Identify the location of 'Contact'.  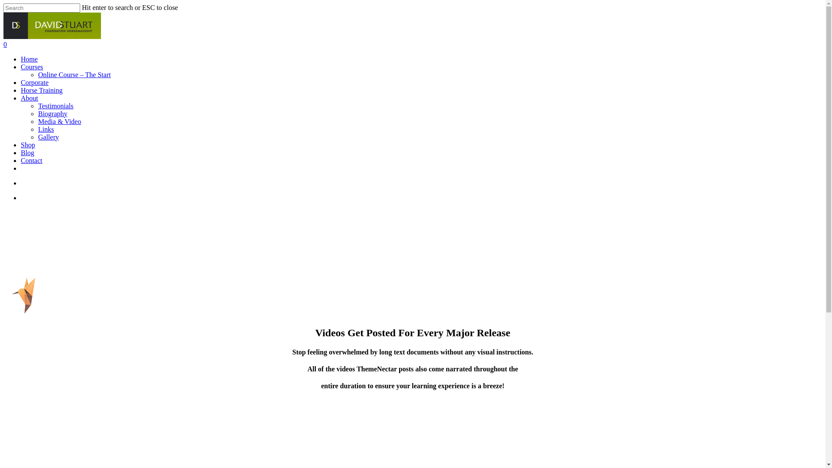
(31, 160).